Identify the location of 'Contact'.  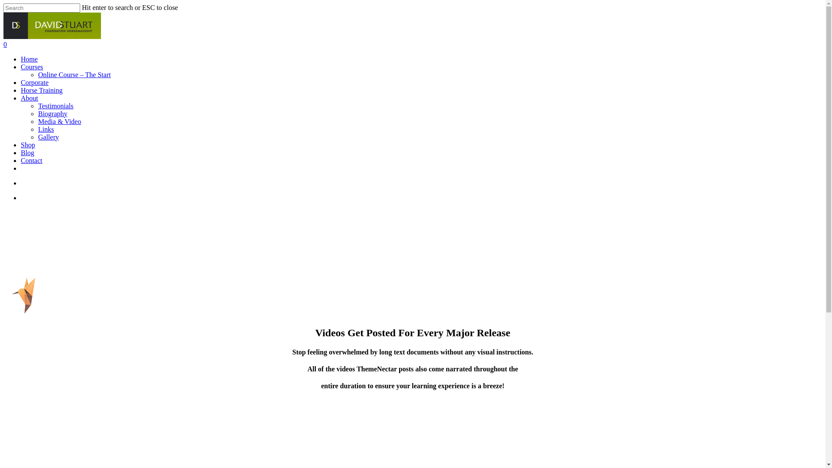
(31, 160).